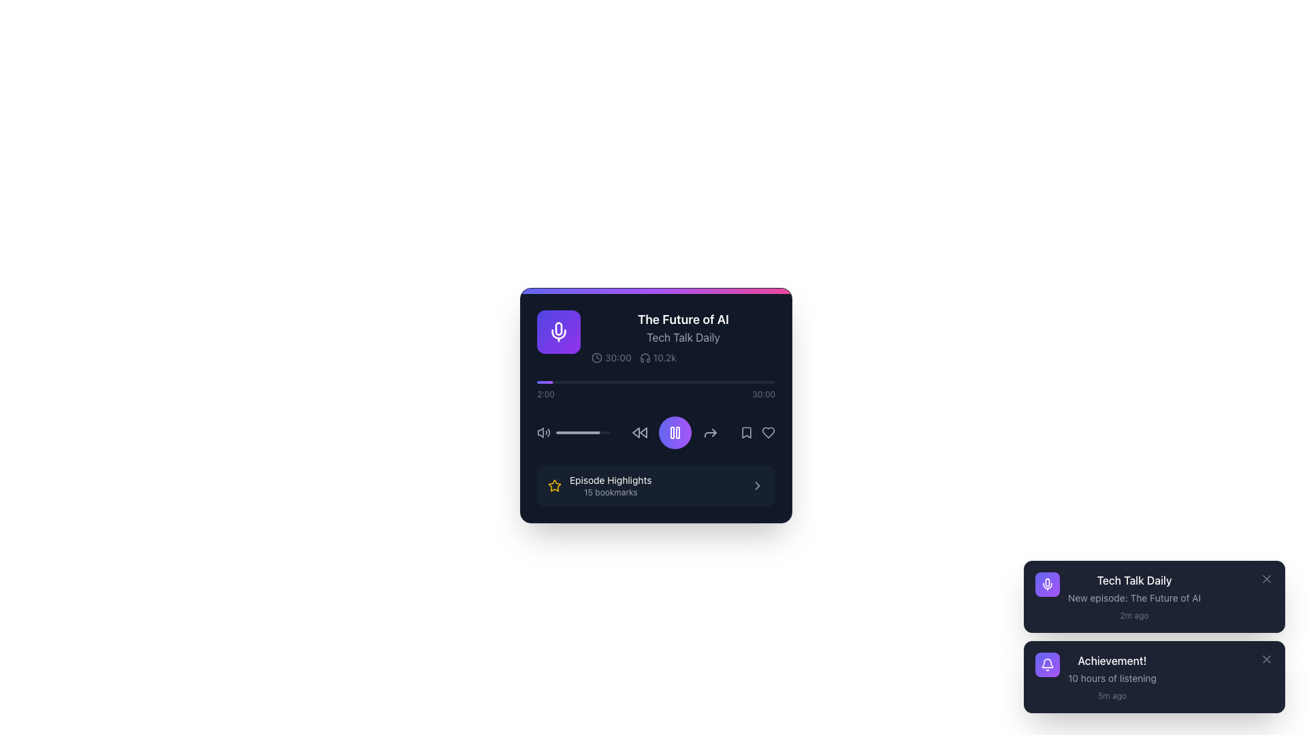 The width and height of the screenshot is (1307, 735). Describe the element at coordinates (1266, 658) in the screenshot. I see `the close button located in the top-right corner of the notification card labeled 'Achievement! 10 hours of listening 5m ago'` at that location.